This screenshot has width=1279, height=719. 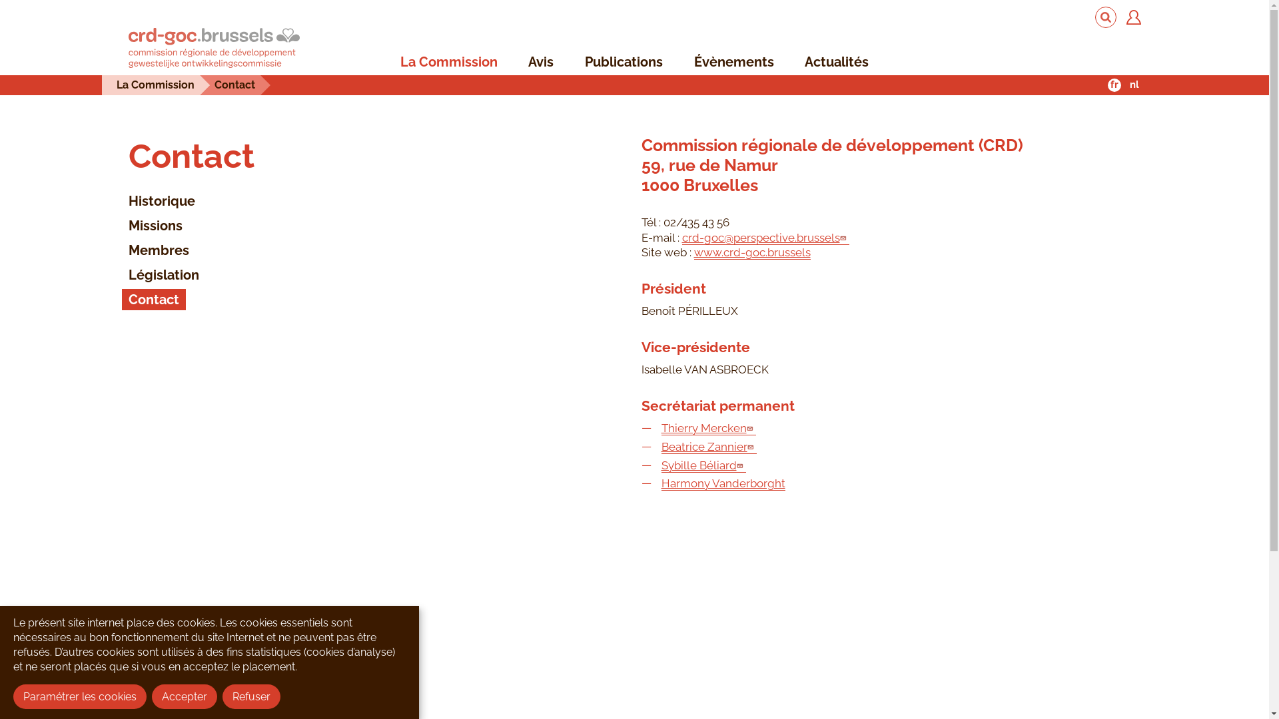 I want to click on 'Harmony Vanderborght', so click(x=721, y=483).